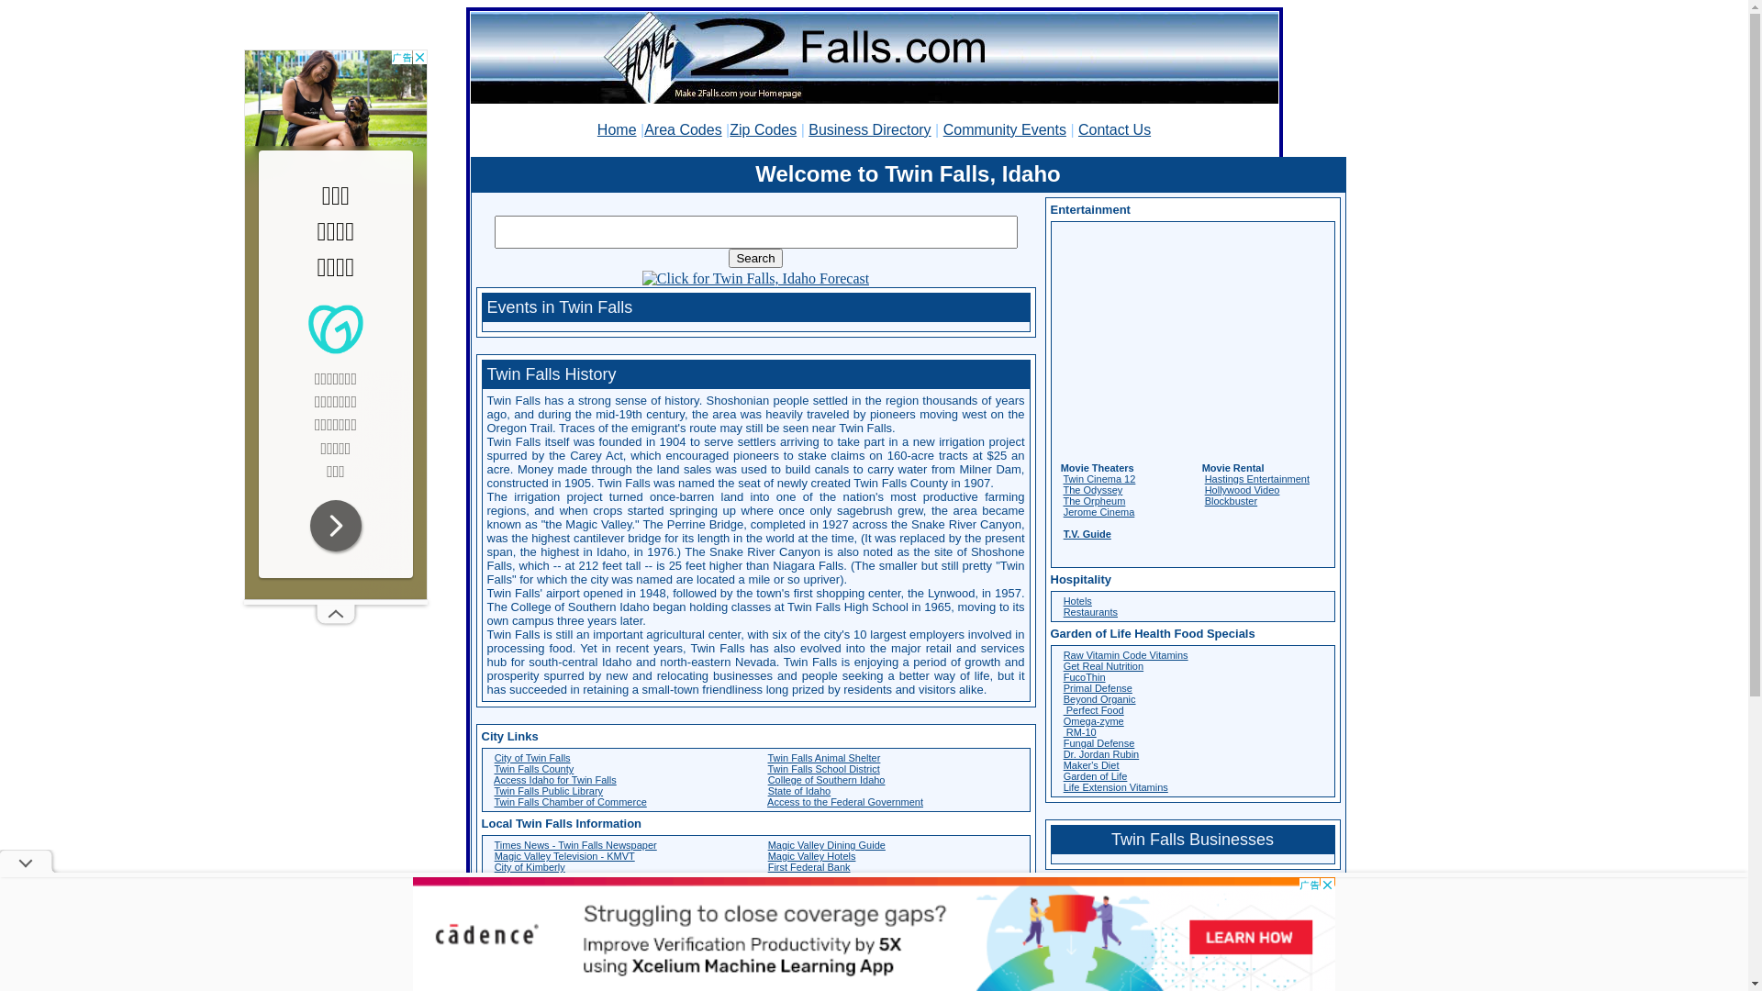  I want to click on 'Twin Falls Animal Shelter', so click(766, 757).